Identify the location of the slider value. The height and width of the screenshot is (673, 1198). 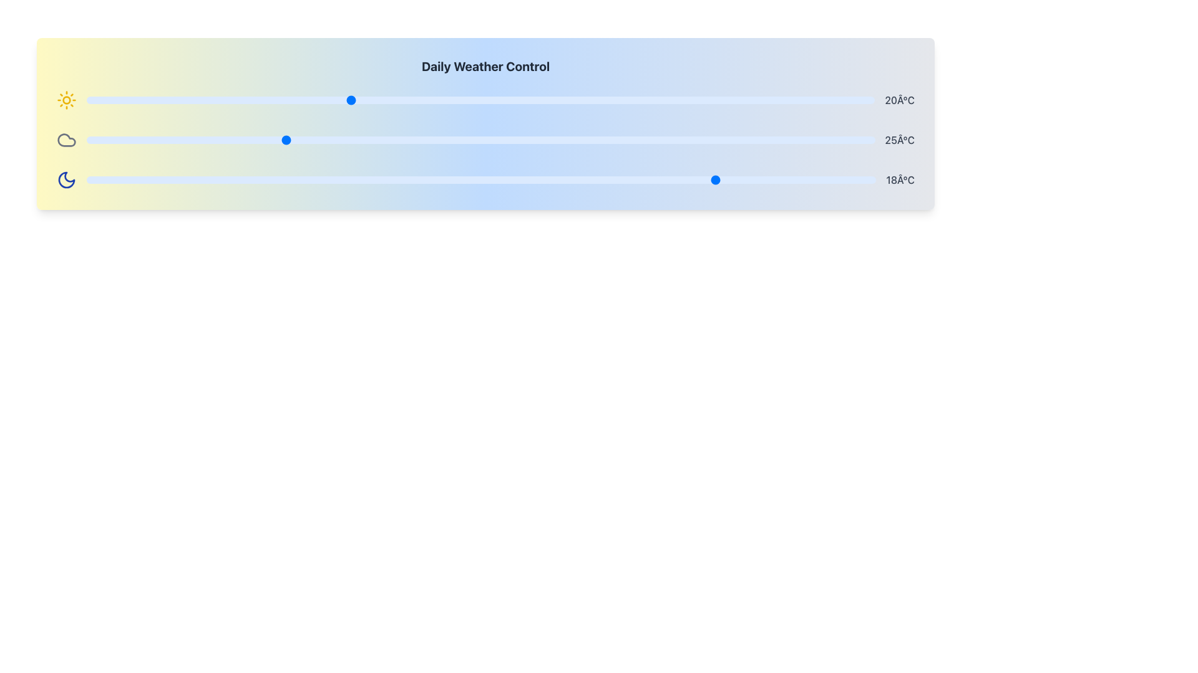
(402, 140).